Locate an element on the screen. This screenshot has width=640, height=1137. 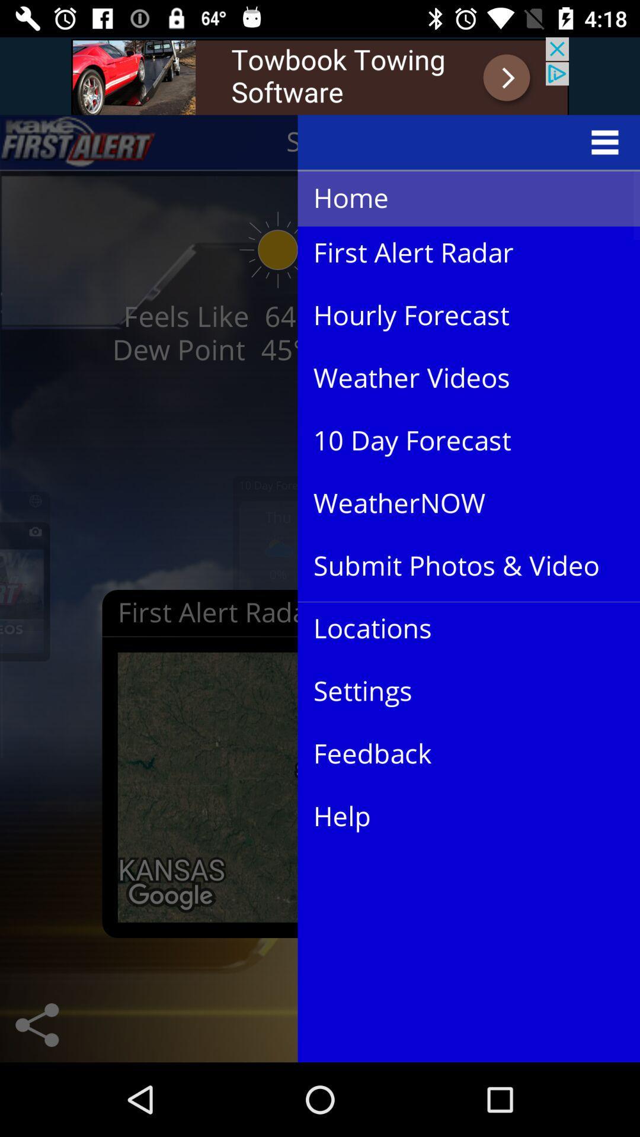
the share icon is located at coordinates (36, 1024).